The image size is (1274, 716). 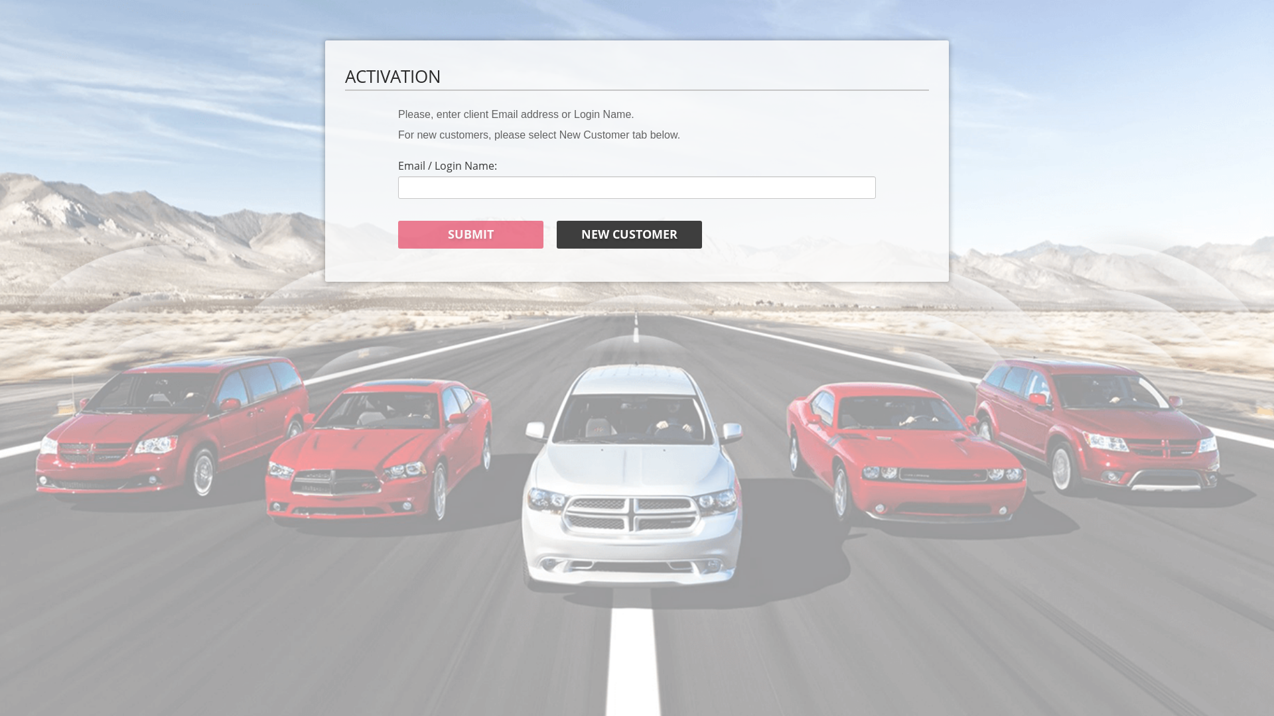 What do you see at coordinates (628, 234) in the screenshot?
I see `'NEW CUSTOMER'` at bounding box center [628, 234].